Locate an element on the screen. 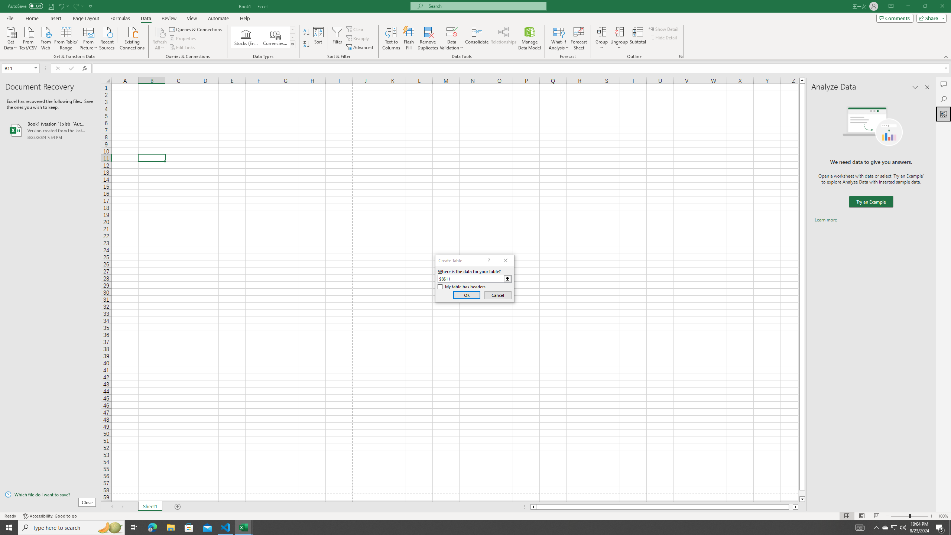  'Group and Outline Settings' is located at coordinates (680, 56).